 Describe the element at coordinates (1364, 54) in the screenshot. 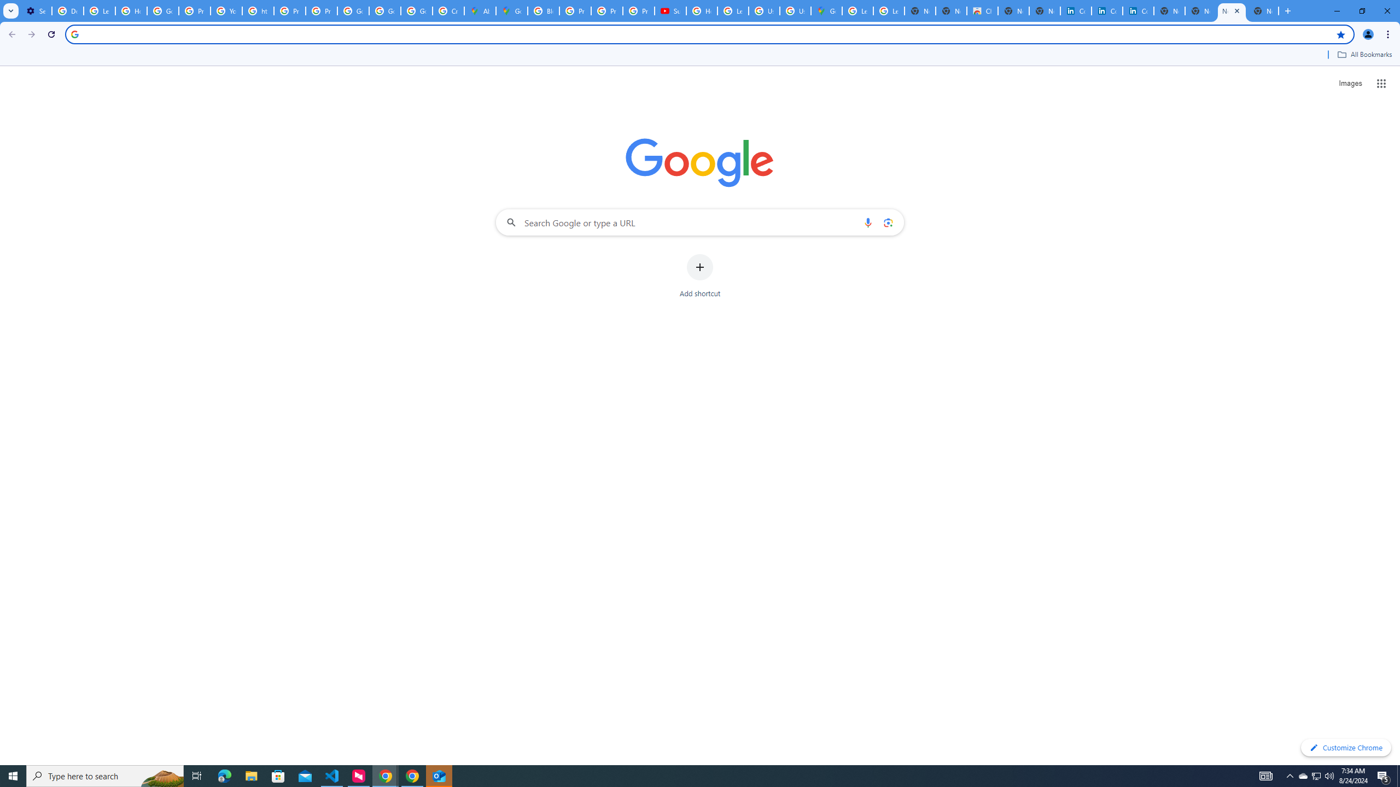

I see `'All Bookmarks'` at that location.